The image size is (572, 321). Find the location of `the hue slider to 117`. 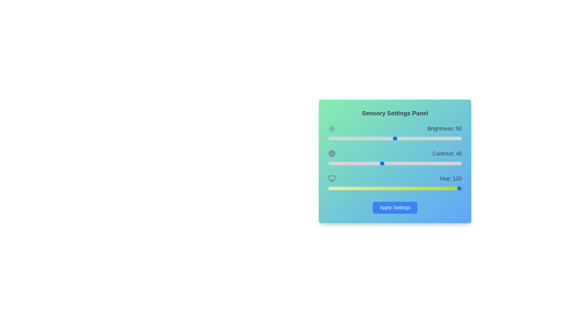

the hue slider to 117 is located at coordinates (371, 188).